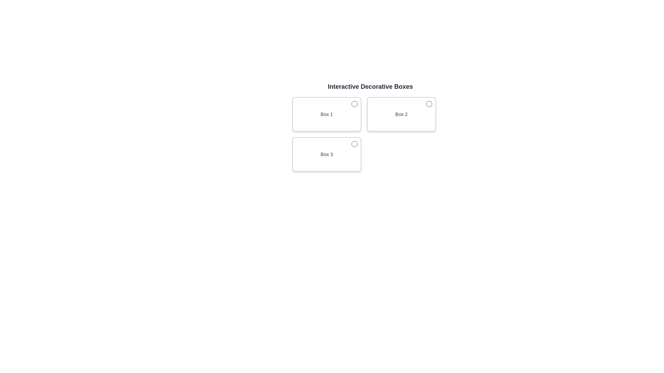 The image size is (664, 373). What do you see at coordinates (354, 104) in the screenshot?
I see `the small circular icon in the top-right corner of the white rectangular box labeled 'Box 1'` at bounding box center [354, 104].